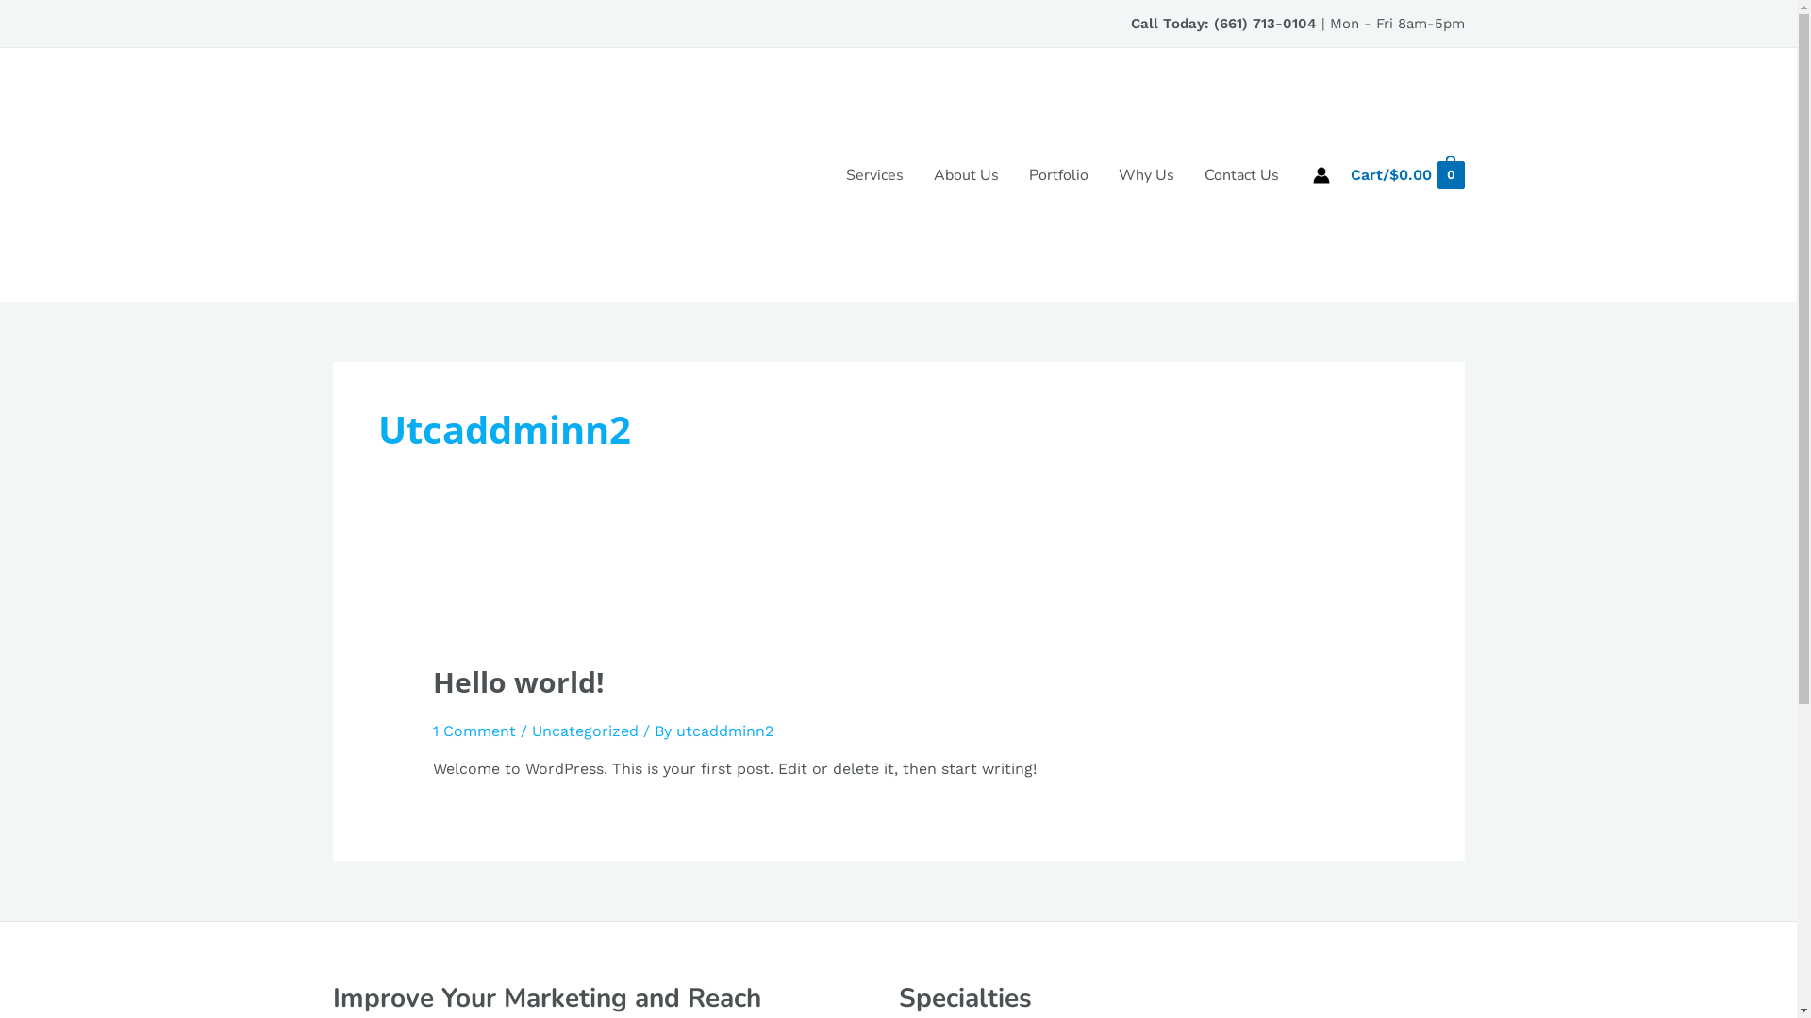  I want to click on 'Cart/$0.00, so click(1406, 174).